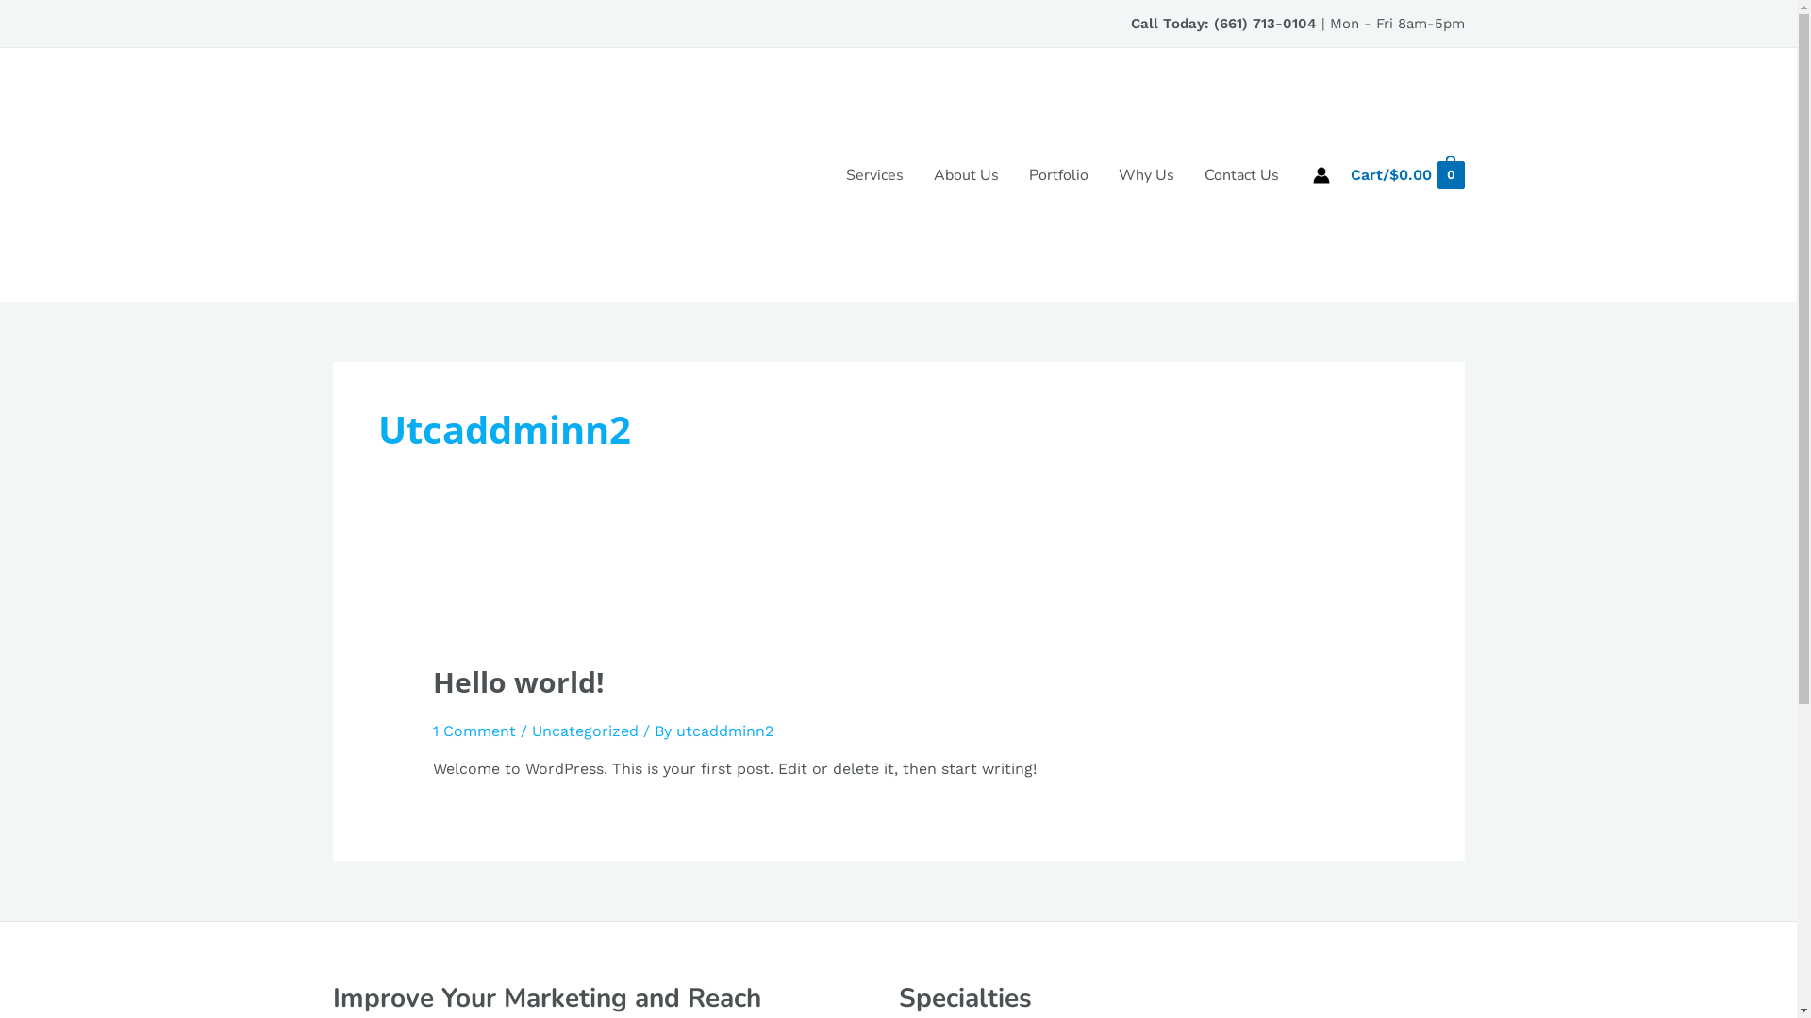  I want to click on 'Cart/$0.00, so click(1406, 174).